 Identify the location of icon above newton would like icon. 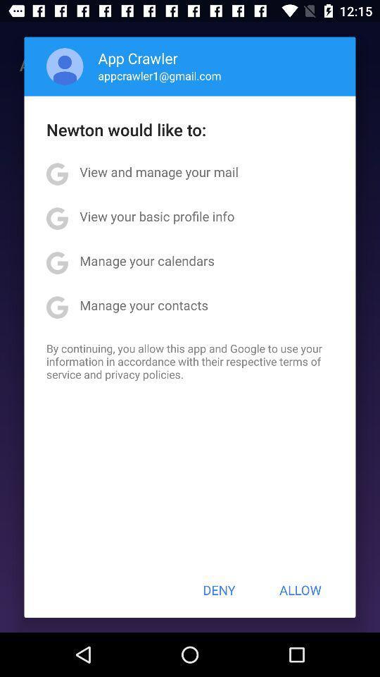
(64, 66).